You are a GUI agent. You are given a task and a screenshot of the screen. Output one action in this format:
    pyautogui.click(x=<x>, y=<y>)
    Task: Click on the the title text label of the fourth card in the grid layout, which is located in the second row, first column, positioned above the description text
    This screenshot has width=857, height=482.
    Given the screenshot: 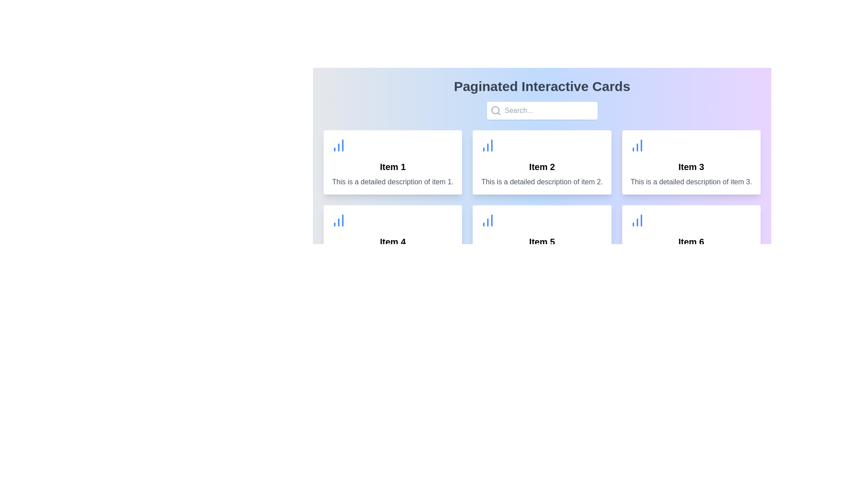 What is the action you would take?
    pyautogui.click(x=393, y=242)
    